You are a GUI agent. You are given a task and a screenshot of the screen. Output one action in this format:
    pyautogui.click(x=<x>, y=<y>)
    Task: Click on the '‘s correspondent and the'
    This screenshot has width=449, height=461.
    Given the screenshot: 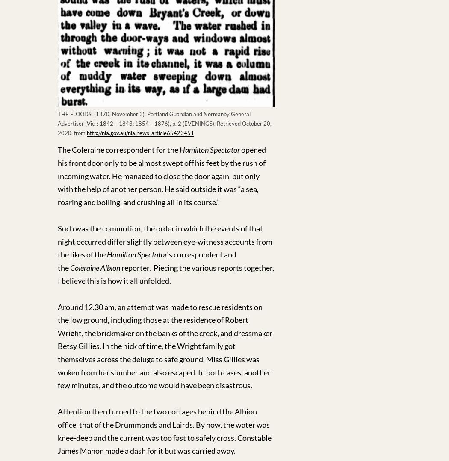 What is the action you would take?
    pyautogui.click(x=57, y=261)
    